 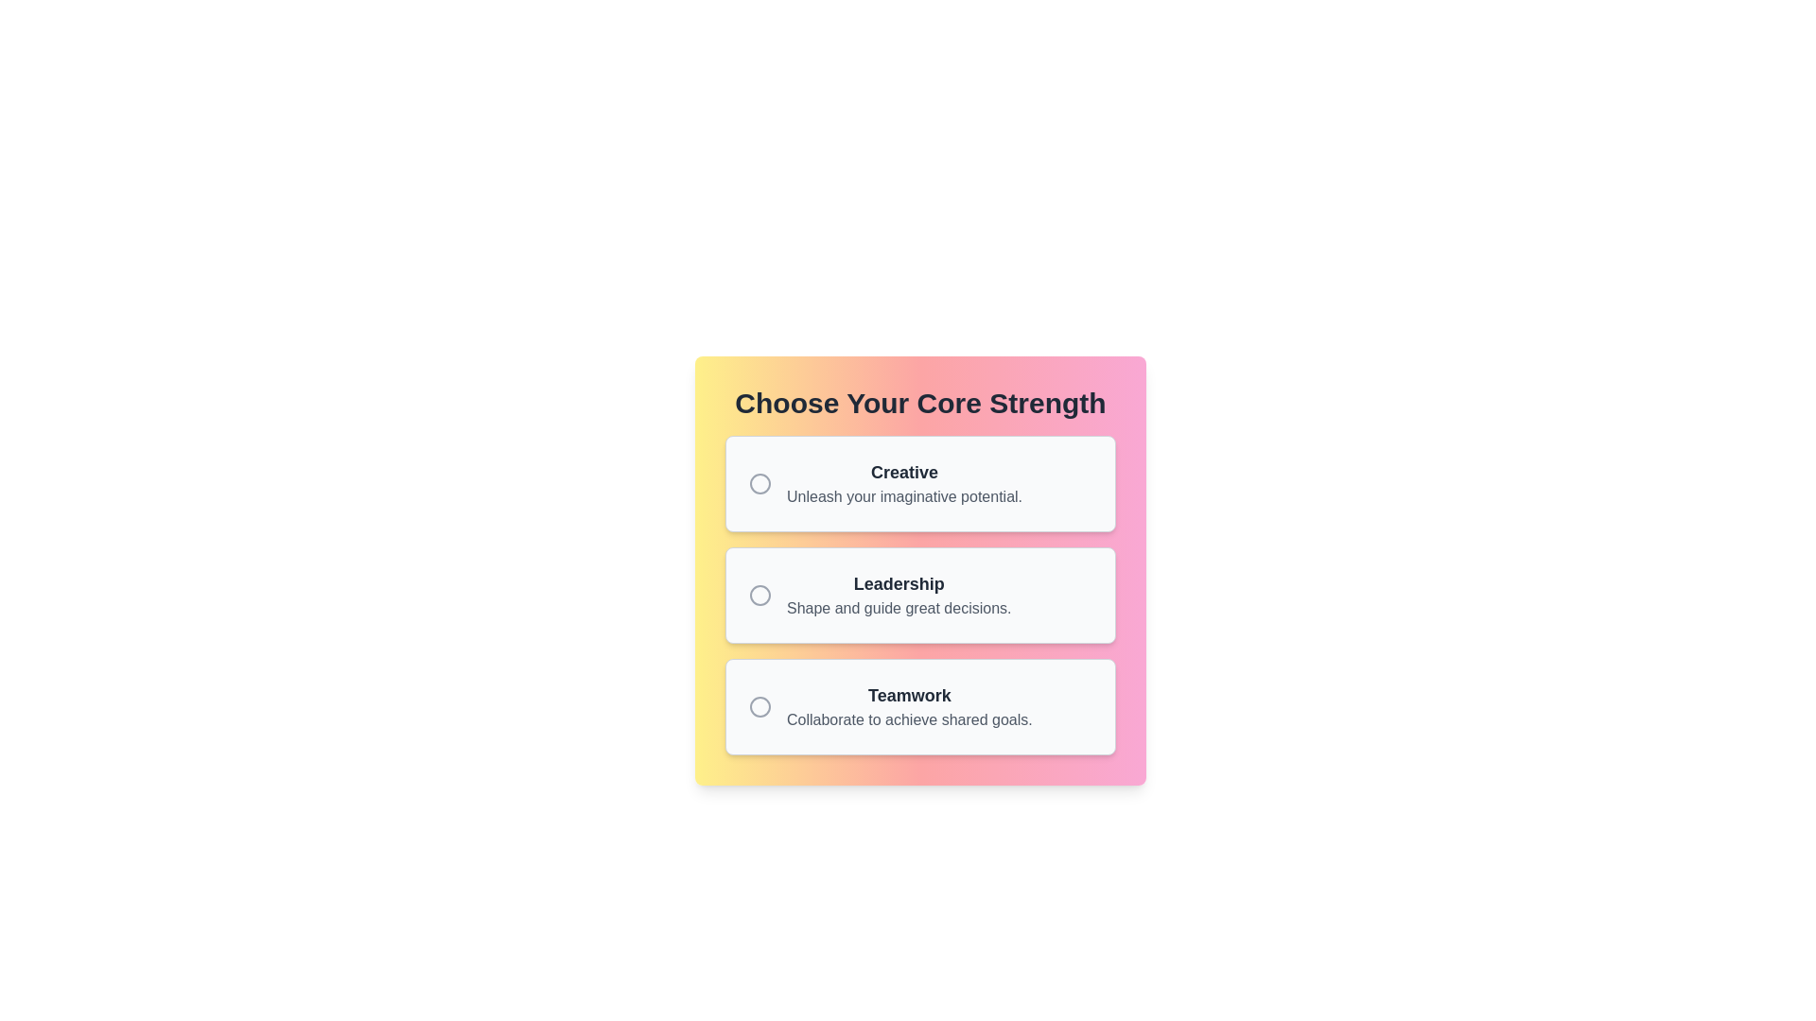 I want to click on the radio button (circle indicator) inside the 'Teamwork' option box, so click(x=760, y=707).